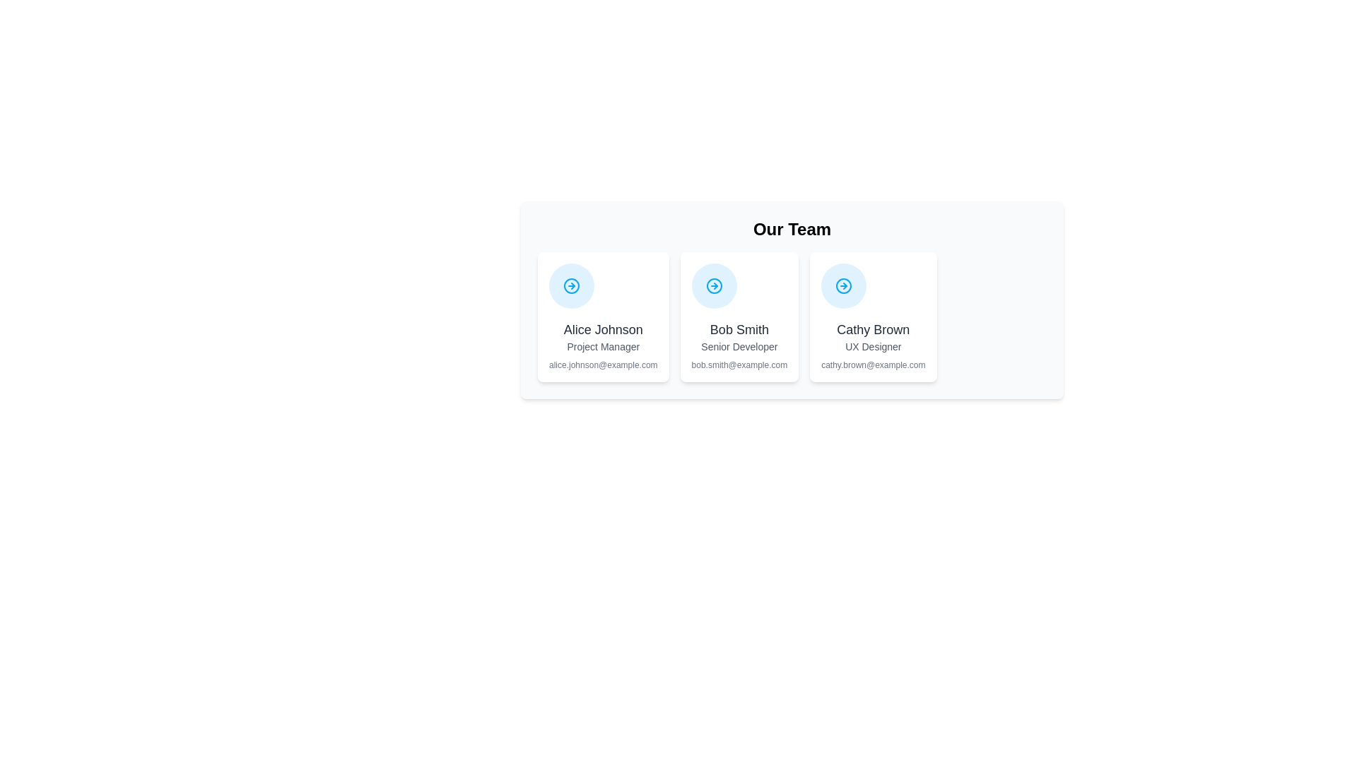  I want to click on the Icon button located at the top-center part of the card representing 'Cathy Brown', so click(844, 286).